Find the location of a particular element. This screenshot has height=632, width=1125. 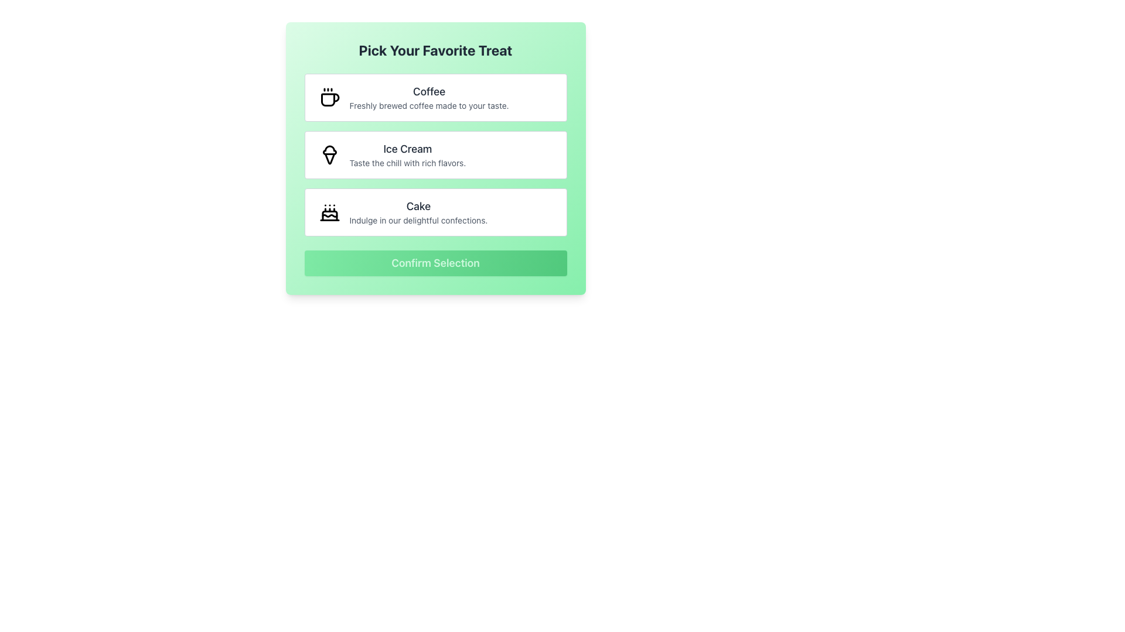

the ice cream cone icon in the selection list, which is the second entry between 'Coffee' and 'Cake' is located at coordinates (329, 159).